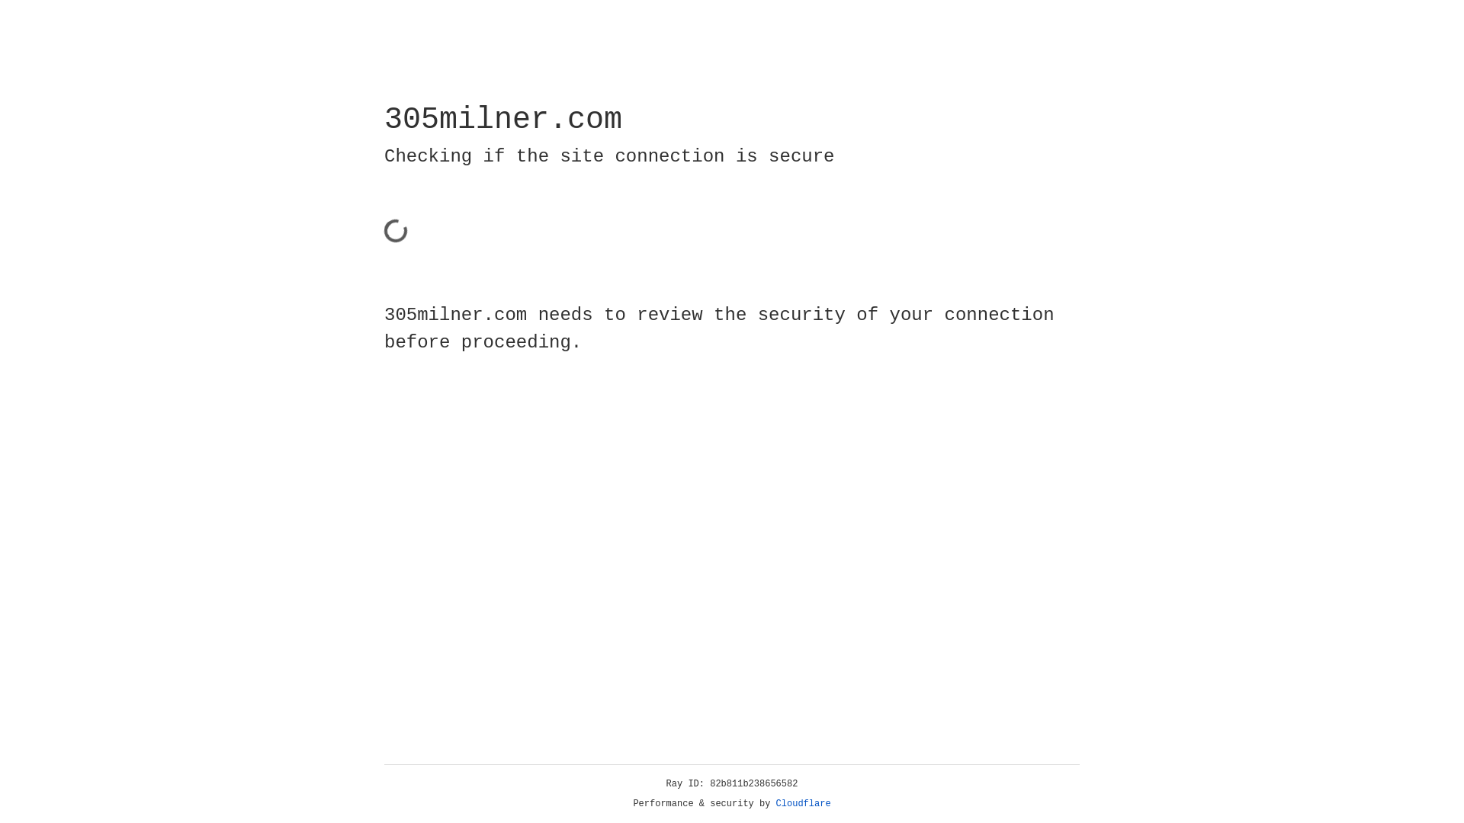  Describe the element at coordinates (775, 803) in the screenshot. I see `'Cloudflare'` at that location.